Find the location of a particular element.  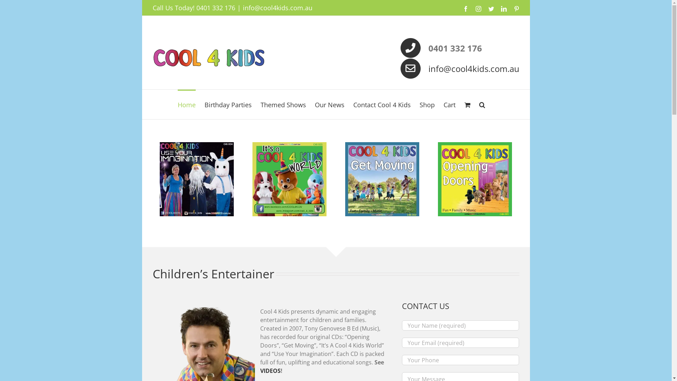

'Contact Cool 4 Kids' is located at coordinates (382, 104).